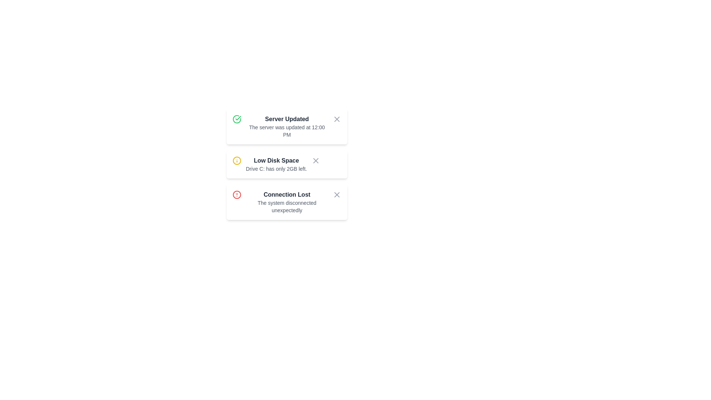 The image size is (711, 400). I want to click on the dismiss button located at the top-right corner of the 'Server Updated' notification card, so click(337, 119).